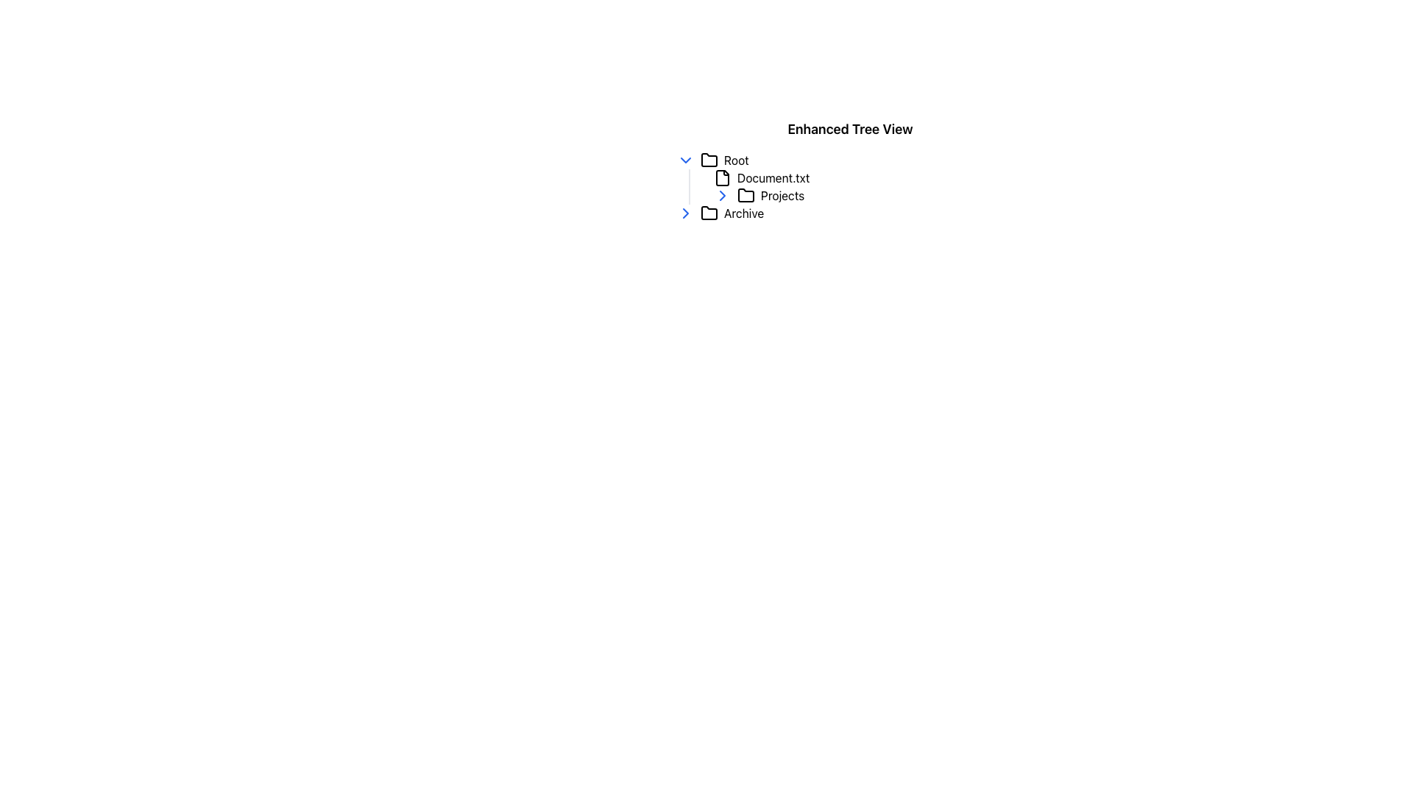  Describe the element at coordinates (744, 213) in the screenshot. I see `the Text Label indicating the name of a folder or item in the tree view interface, which is located at the bottom level of the tree structure hierarchy` at that location.